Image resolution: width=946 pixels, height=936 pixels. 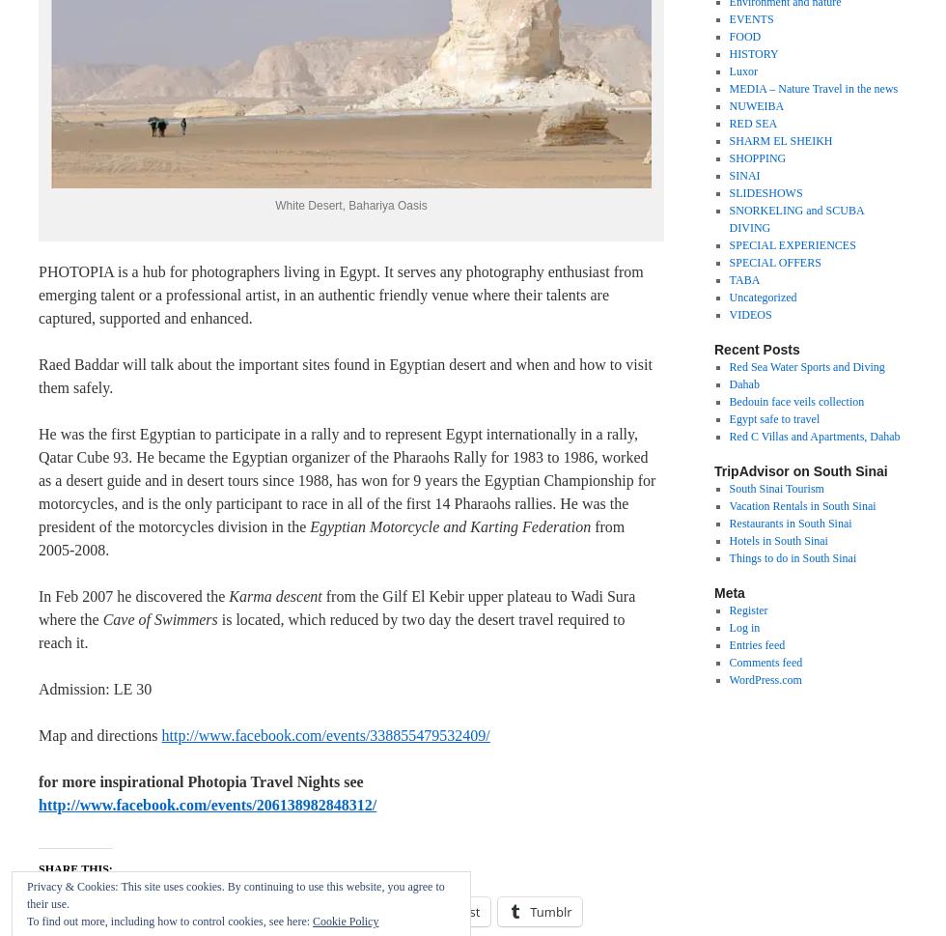 What do you see at coordinates (102, 619) in the screenshot?
I see `'Cave of Swimmers'` at bounding box center [102, 619].